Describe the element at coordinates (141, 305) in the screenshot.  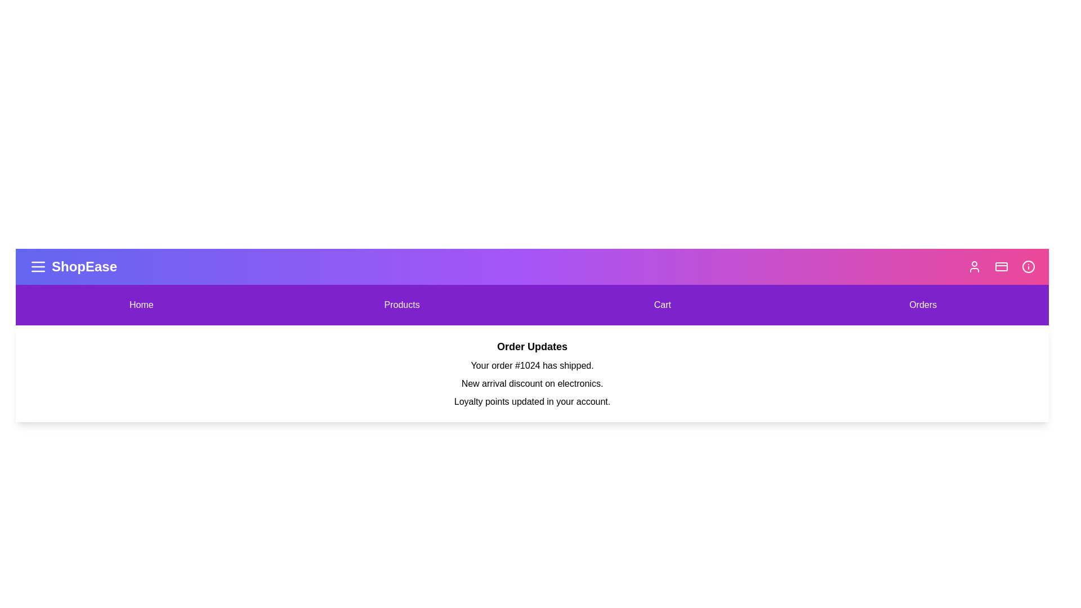
I see `the 'Home' button to navigate to the 'Home' section` at that location.